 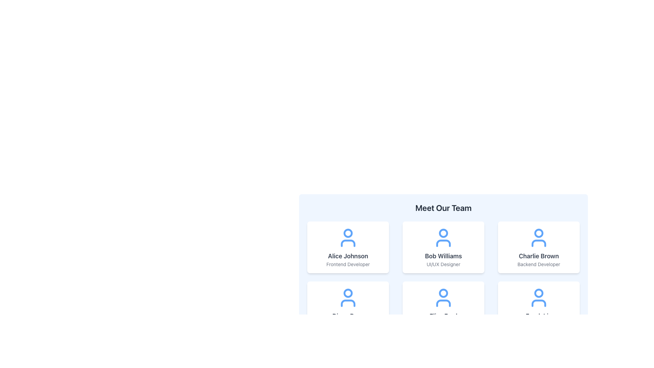 I want to click on names and roles displayed on the second profile card in the grid layout of profile displays, located centrally below the title 'Meet Our Team', so click(x=443, y=277).